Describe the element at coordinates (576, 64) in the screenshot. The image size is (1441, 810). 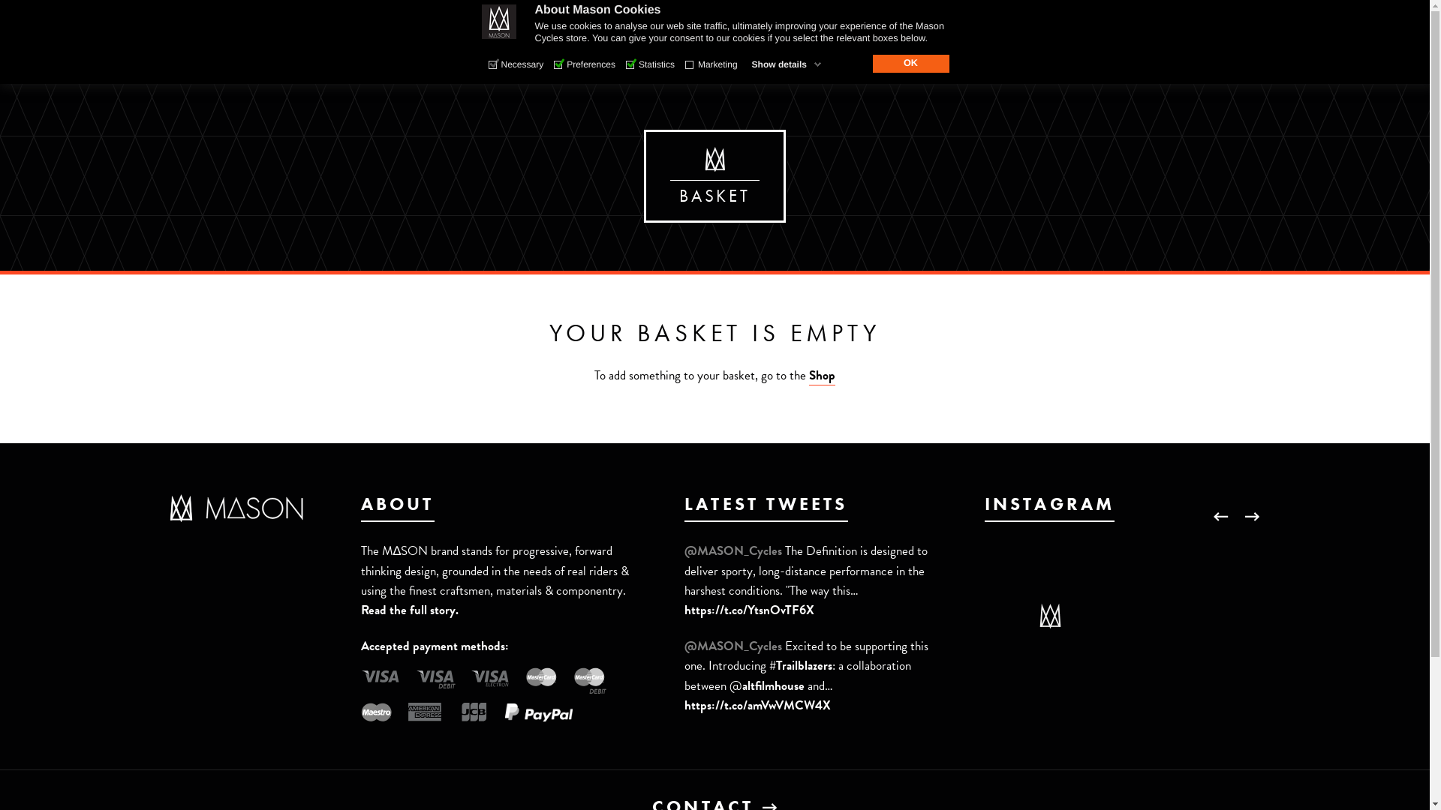
I see `'ALL'` at that location.